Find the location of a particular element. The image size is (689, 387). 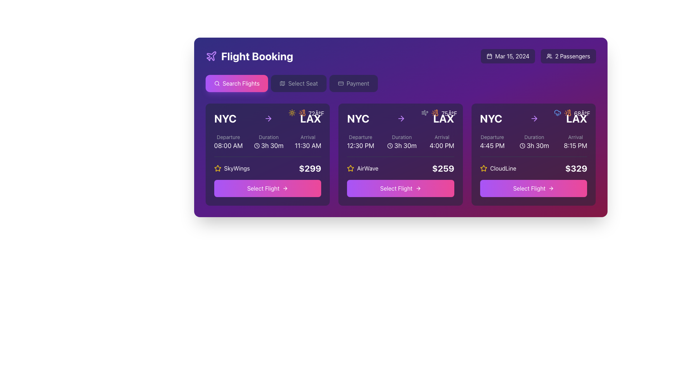

the date selection button located in the top-right corner of the interface is located at coordinates (507, 56).